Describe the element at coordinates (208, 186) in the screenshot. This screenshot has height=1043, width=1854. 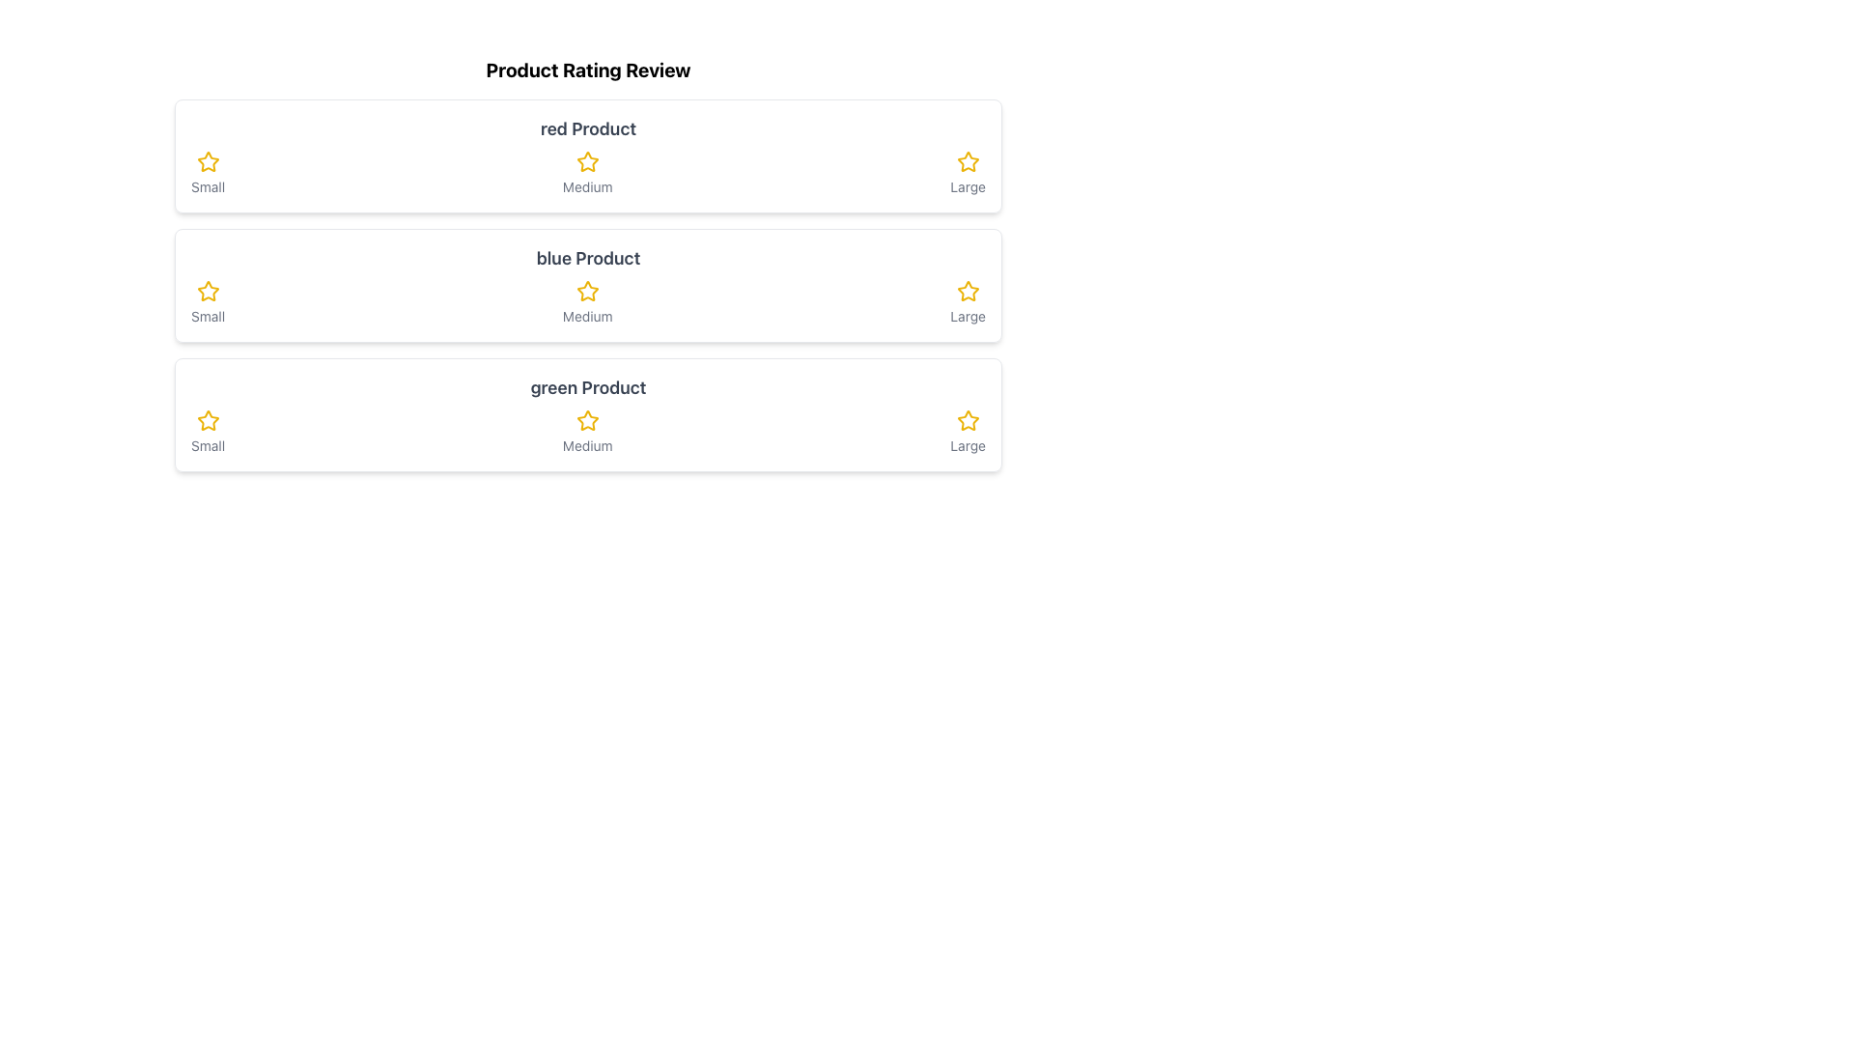
I see `the 'Small' label that describes the size for the rating icon in the first card of the layout` at that location.